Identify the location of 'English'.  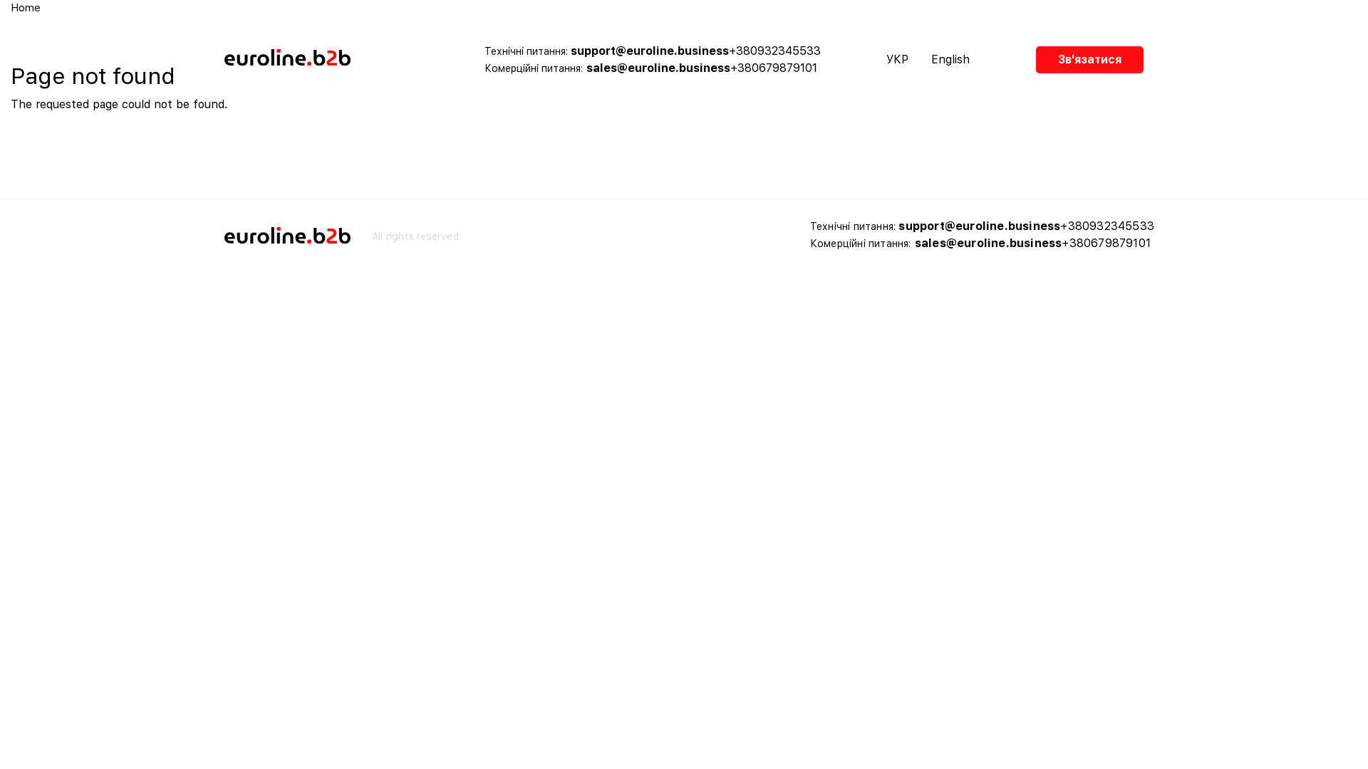
(950, 58).